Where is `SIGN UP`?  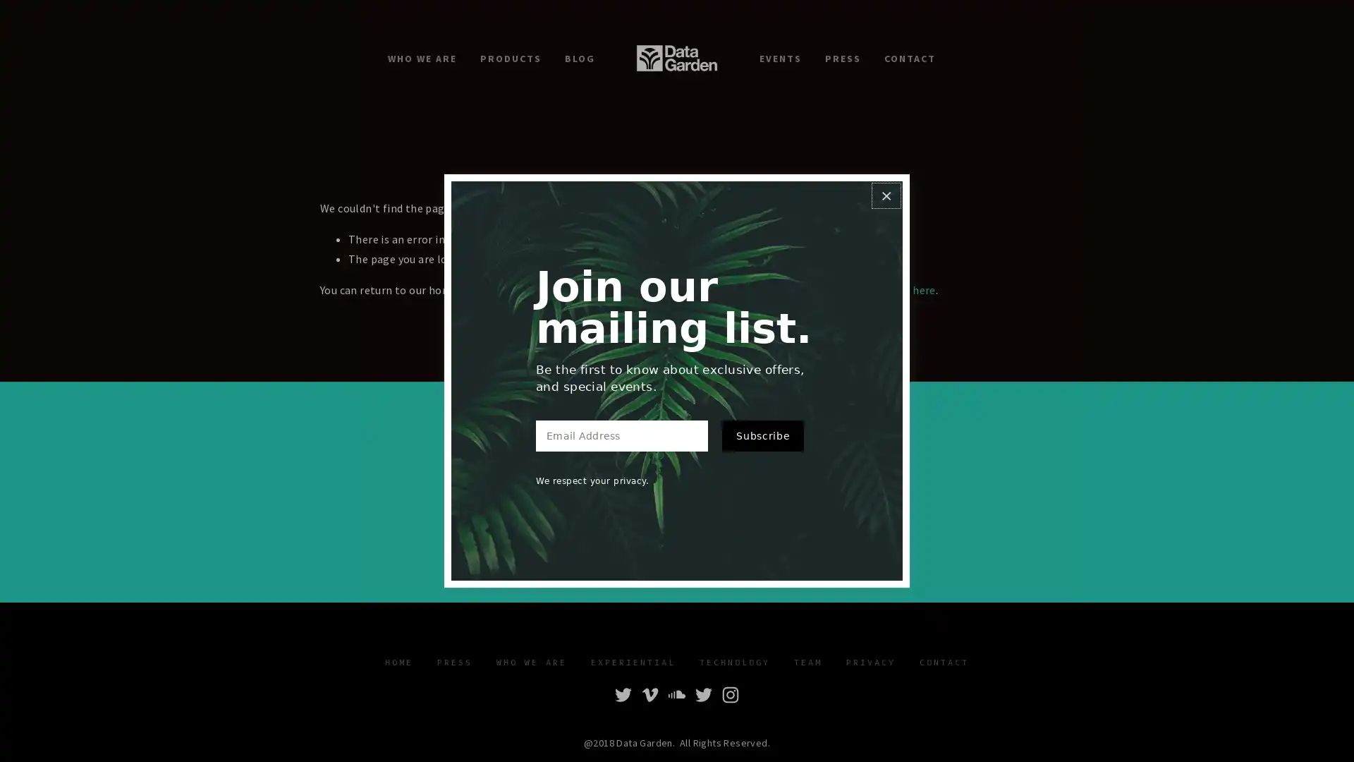 SIGN UP is located at coordinates (764, 514).